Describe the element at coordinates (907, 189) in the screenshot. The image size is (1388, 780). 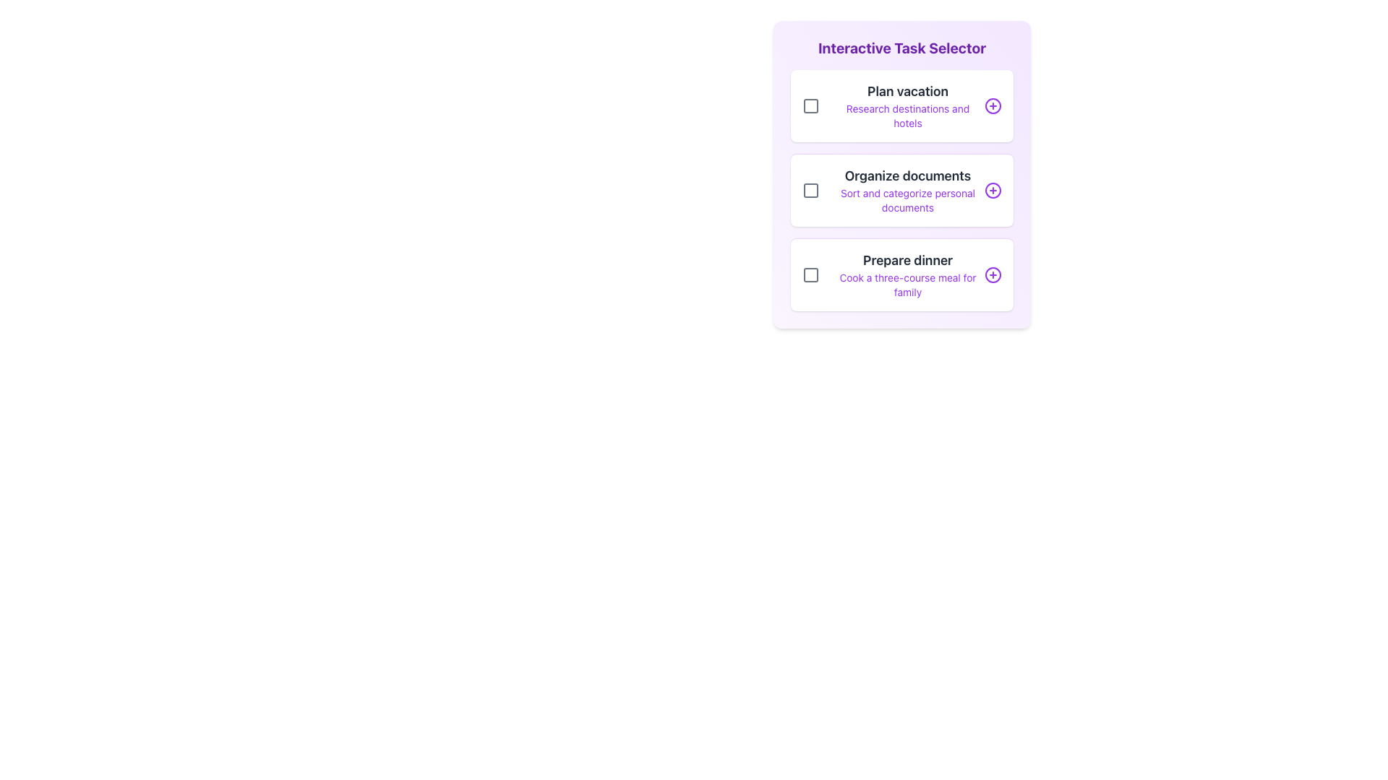
I see `the central text label that serves as a title and subtitle for the 'Organize documents' task, located in the middle card of a vertical stack of three cards` at that location.